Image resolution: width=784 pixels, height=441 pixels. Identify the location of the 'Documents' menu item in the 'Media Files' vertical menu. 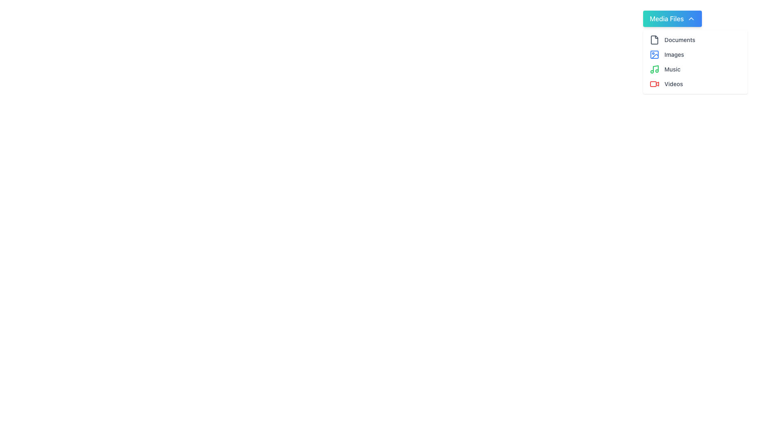
(695, 40).